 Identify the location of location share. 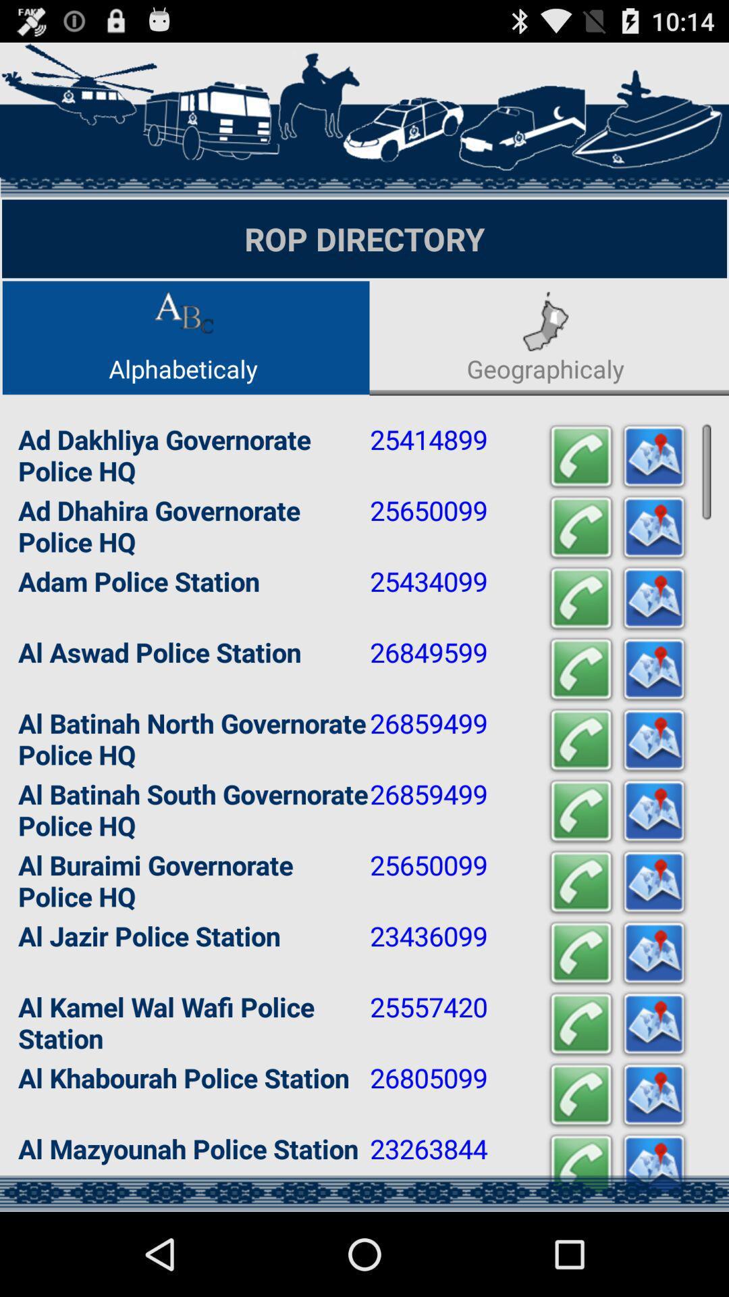
(653, 1095).